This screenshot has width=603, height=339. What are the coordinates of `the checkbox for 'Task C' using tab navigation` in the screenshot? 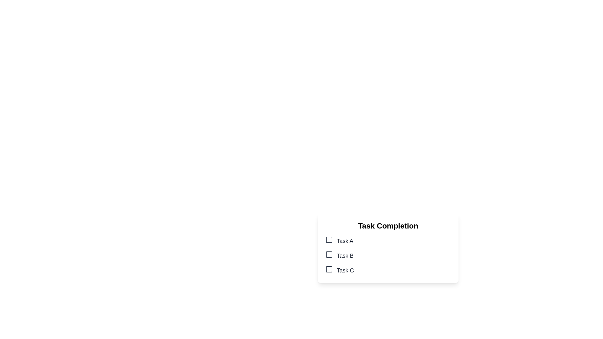 It's located at (388, 270).